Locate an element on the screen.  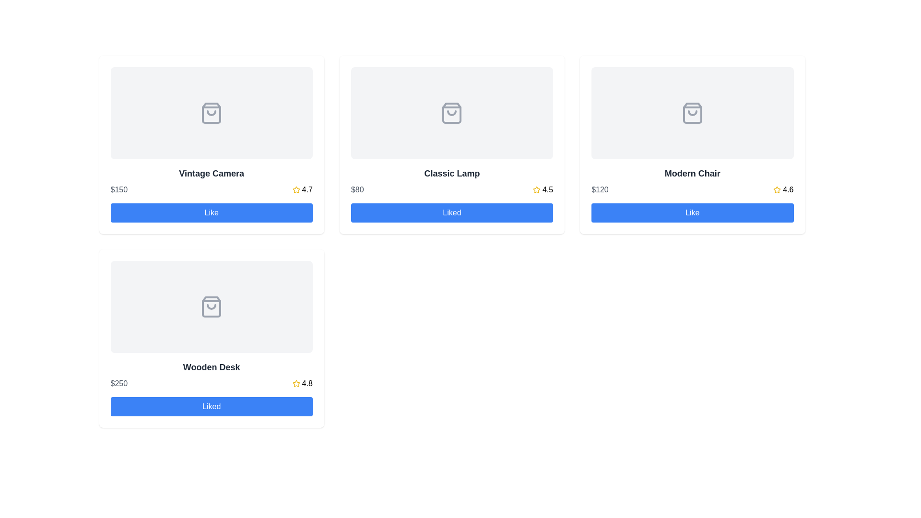
the star rating icon located in the lower-right part of the 'Vintage Camera' card, next to the text displaying '4.7', to interact with the rating system is located at coordinates (295, 190).